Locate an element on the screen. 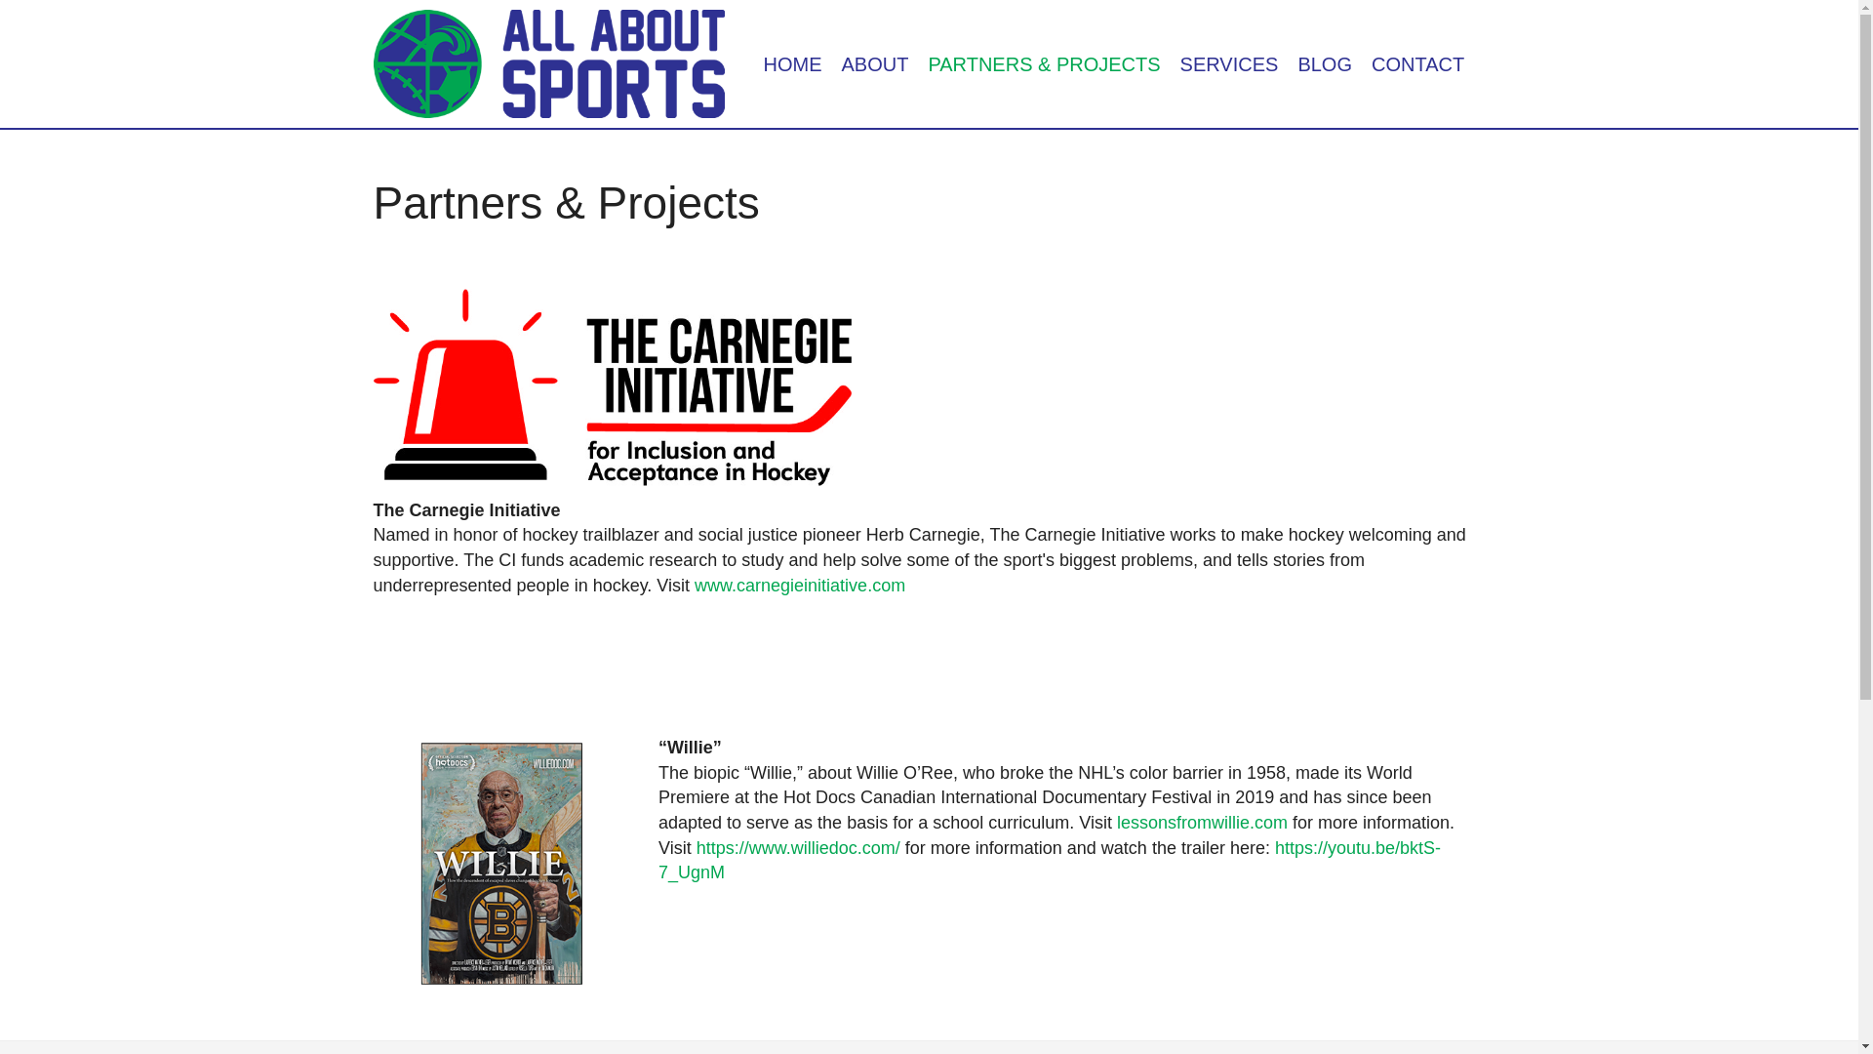  'https://www.williedoc.com/' is located at coordinates (697, 846).